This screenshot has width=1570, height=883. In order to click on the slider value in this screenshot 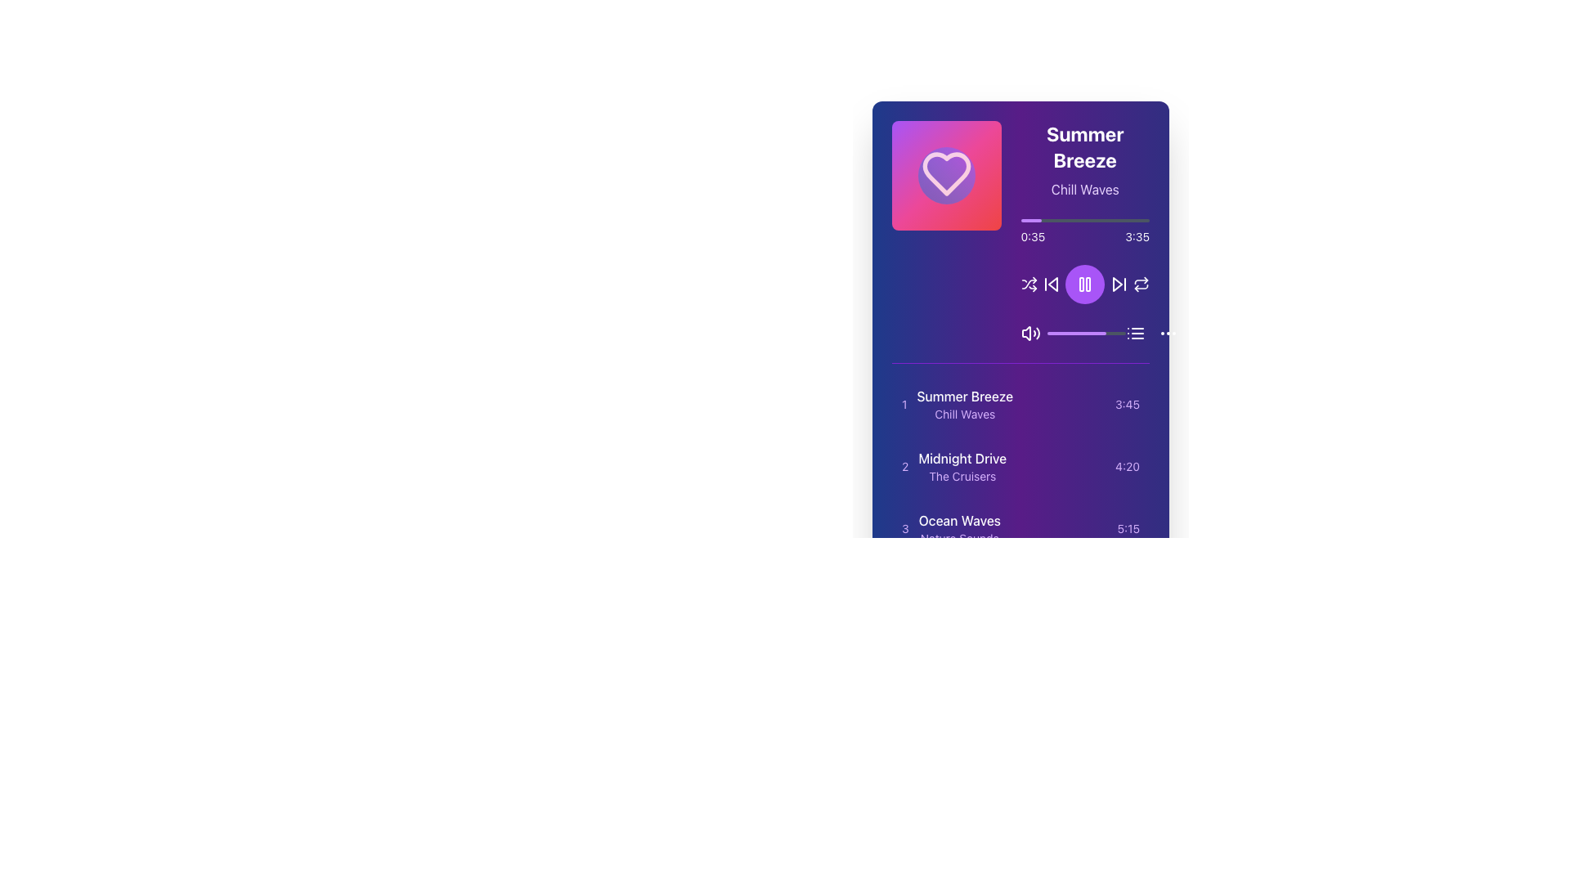, I will do `click(1065, 333)`.